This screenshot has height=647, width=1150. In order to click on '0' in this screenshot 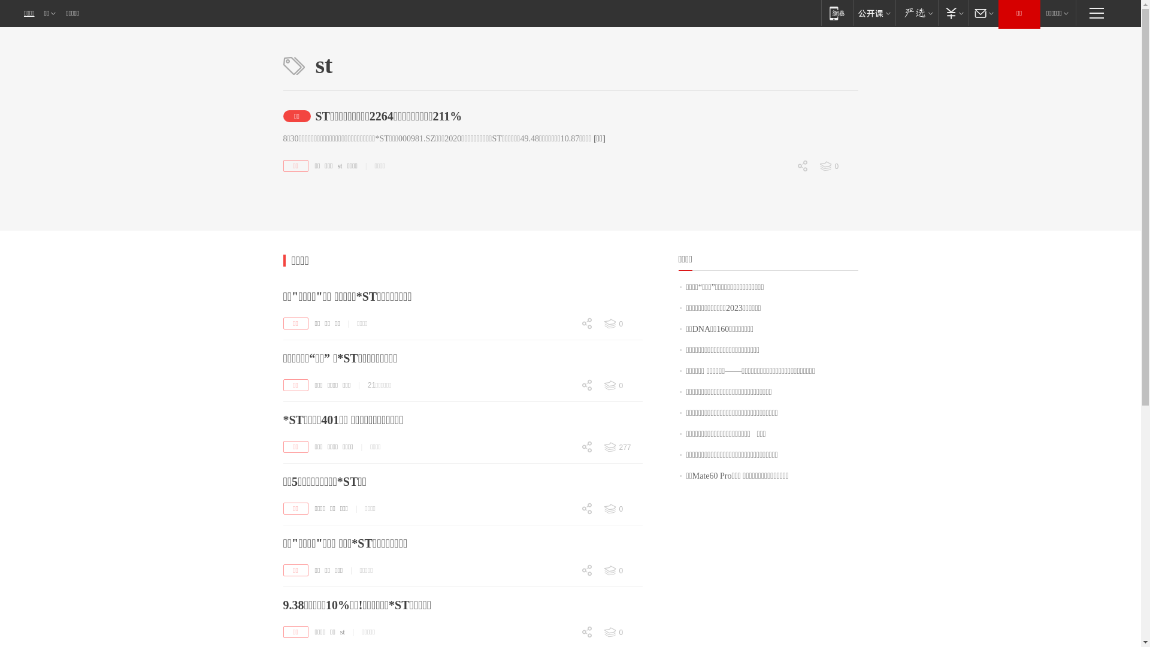, I will do `click(779, 249)`.